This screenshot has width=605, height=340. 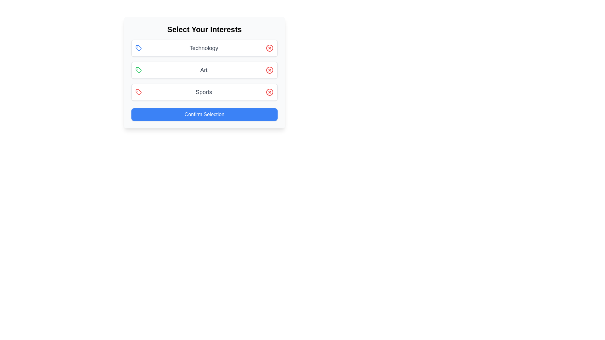 What do you see at coordinates (138, 48) in the screenshot?
I see `the icon corresponding to the interest Technology` at bounding box center [138, 48].